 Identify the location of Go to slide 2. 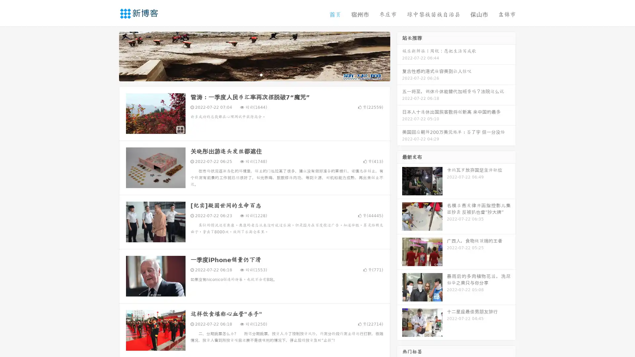
(254, 74).